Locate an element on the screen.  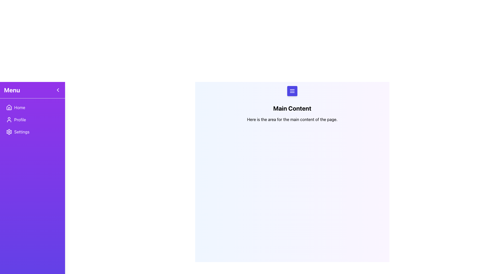
the hamburger menu icon with a purple background and white lines is located at coordinates (292, 91).